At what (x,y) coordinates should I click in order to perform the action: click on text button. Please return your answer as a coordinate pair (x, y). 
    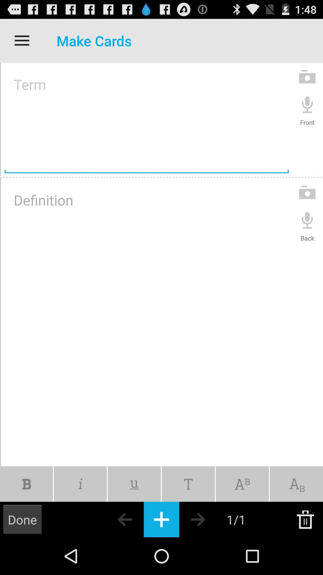
    Looking at the image, I should click on (161, 519).